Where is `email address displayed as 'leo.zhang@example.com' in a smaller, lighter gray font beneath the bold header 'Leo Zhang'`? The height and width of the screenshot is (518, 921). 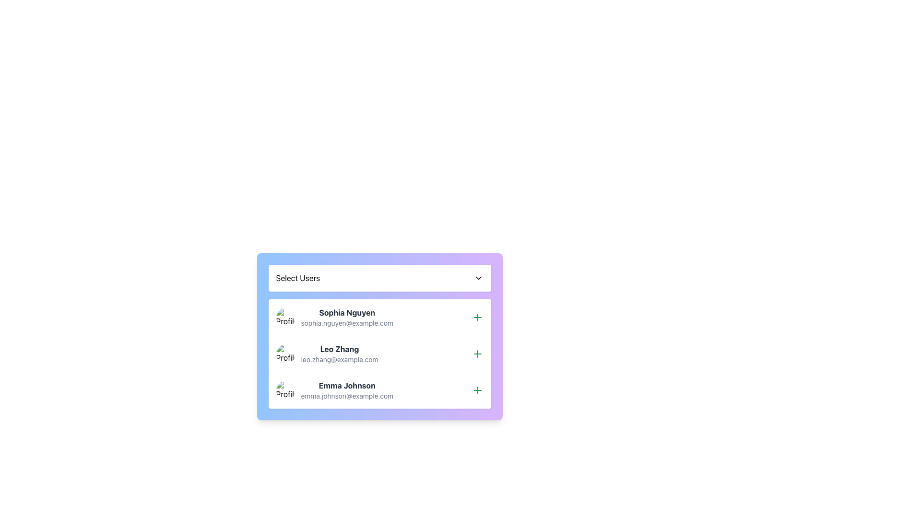
email address displayed as 'leo.zhang@example.com' in a smaller, lighter gray font beneath the bold header 'Leo Zhang' is located at coordinates (339, 359).